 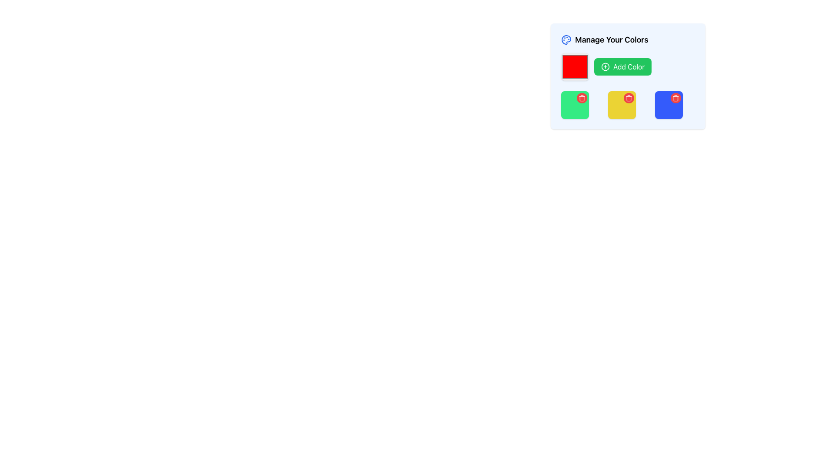 I want to click on the color management icon located to the left of the text 'Manage Your Colors' in the top-left area of the interface, so click(x=566, y=40).